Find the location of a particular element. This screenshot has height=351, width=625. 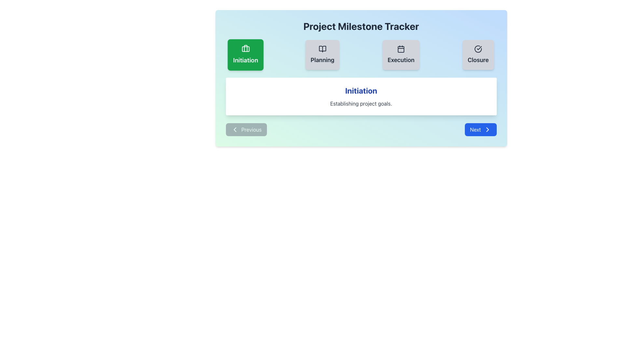

the circular decorative icon with a checkmark inside, located in the 'Closure' box at the top right of the milestone tracker interface is located at coordinates (478, 48).